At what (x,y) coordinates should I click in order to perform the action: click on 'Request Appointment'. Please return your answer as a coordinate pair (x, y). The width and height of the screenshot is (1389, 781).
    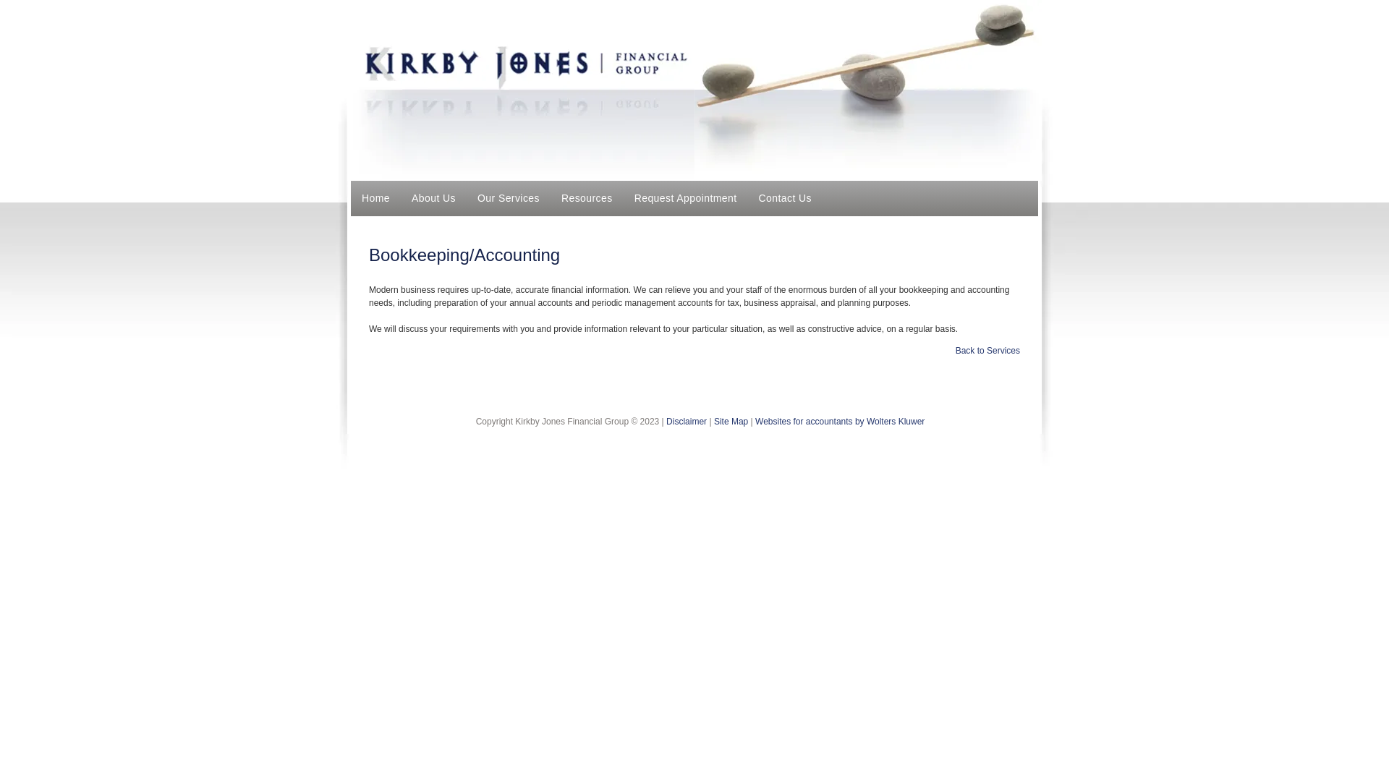
    Looking at the image, I should click on (685, 198).